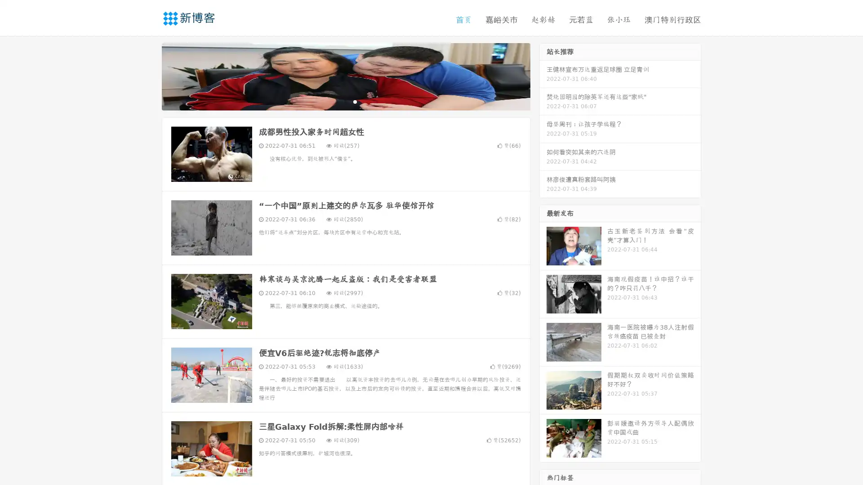 The height and width of the screenshot is (485, 863). What do you see at coordinates (148, 75) in the screenshot?
I see `Previous slide` at bounding box center [148, 75].